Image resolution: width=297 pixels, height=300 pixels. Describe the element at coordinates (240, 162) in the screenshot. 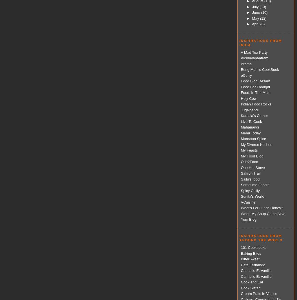

I see `'Ode2Food'` at that location.